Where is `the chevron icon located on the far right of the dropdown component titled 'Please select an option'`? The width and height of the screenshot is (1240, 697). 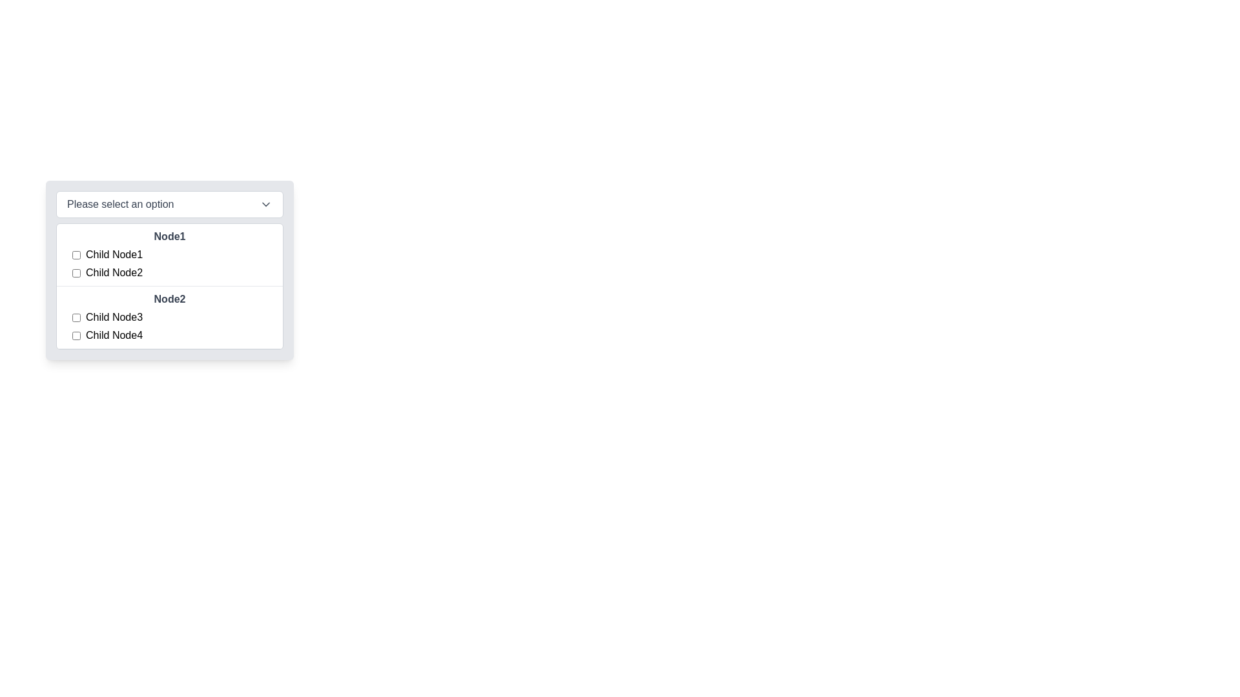
the chevron icon located on the far right of the dropdown component titled 'Please select an option' is located at coordinates (265, 203).